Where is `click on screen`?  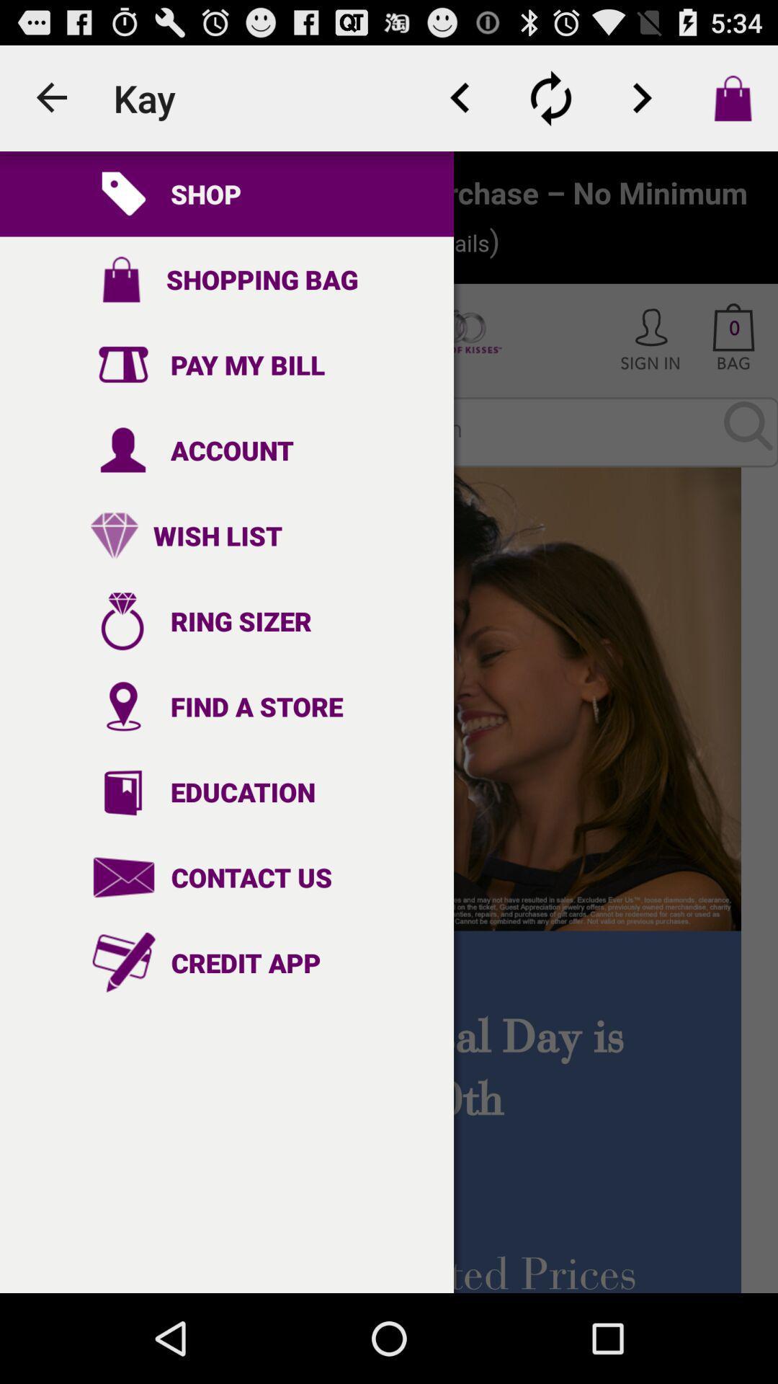
click on screen is located at coordinates (389, 722).